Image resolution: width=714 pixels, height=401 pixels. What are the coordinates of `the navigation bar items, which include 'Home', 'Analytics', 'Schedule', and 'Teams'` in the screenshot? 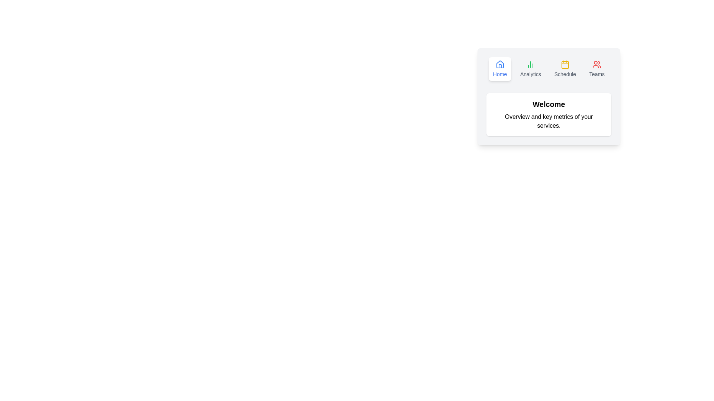 It's located at (549, 72).